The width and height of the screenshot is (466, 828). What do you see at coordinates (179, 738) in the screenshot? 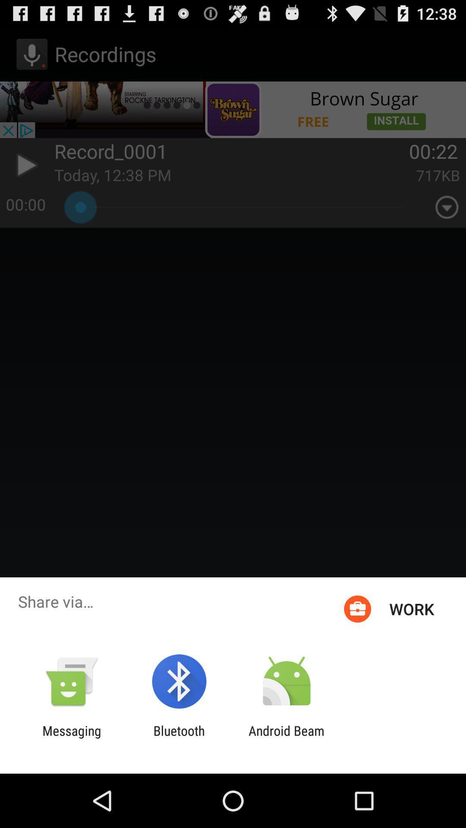
I see `icon next to messaging icon` at bounding box center [179, 738].